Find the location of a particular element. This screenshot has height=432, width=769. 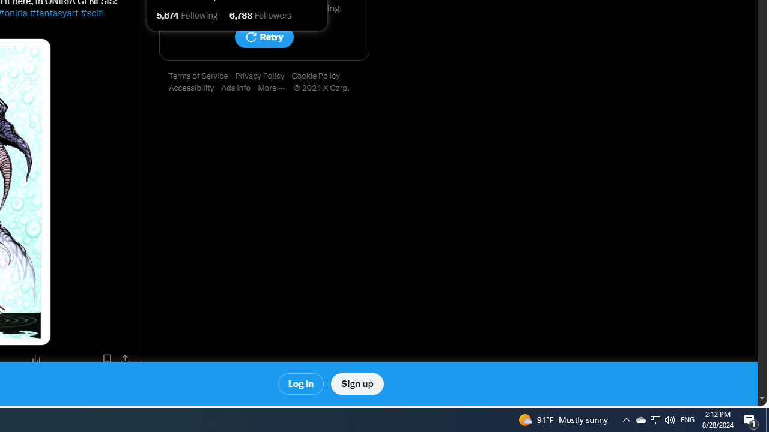

'Cookie Policy' is located at coordinates (319, 76).